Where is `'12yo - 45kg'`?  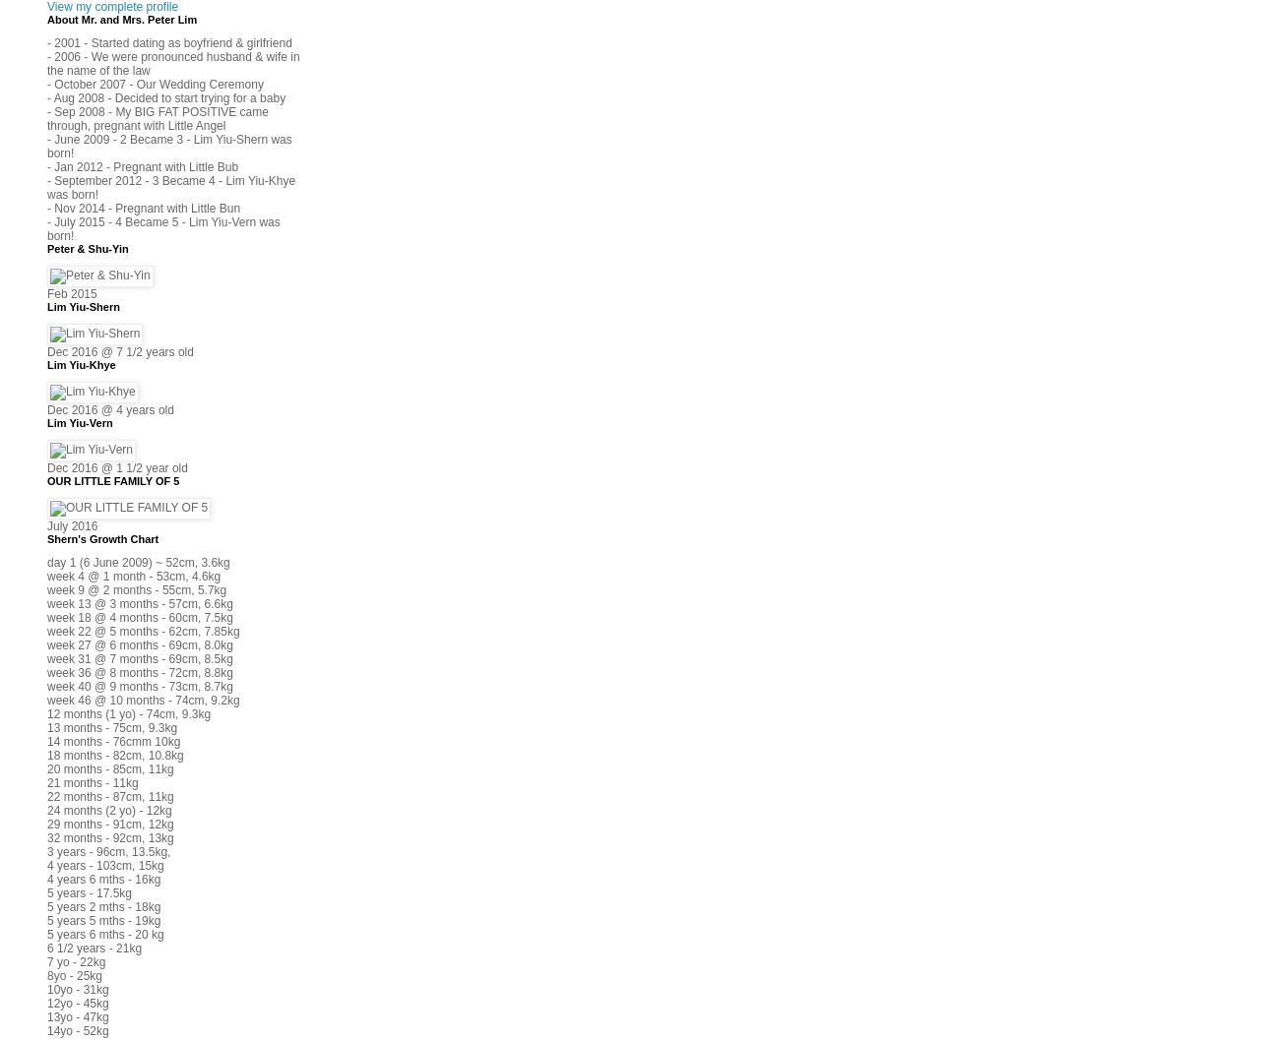
'12yo - 45kg' is located at coordinates (77, 1001).